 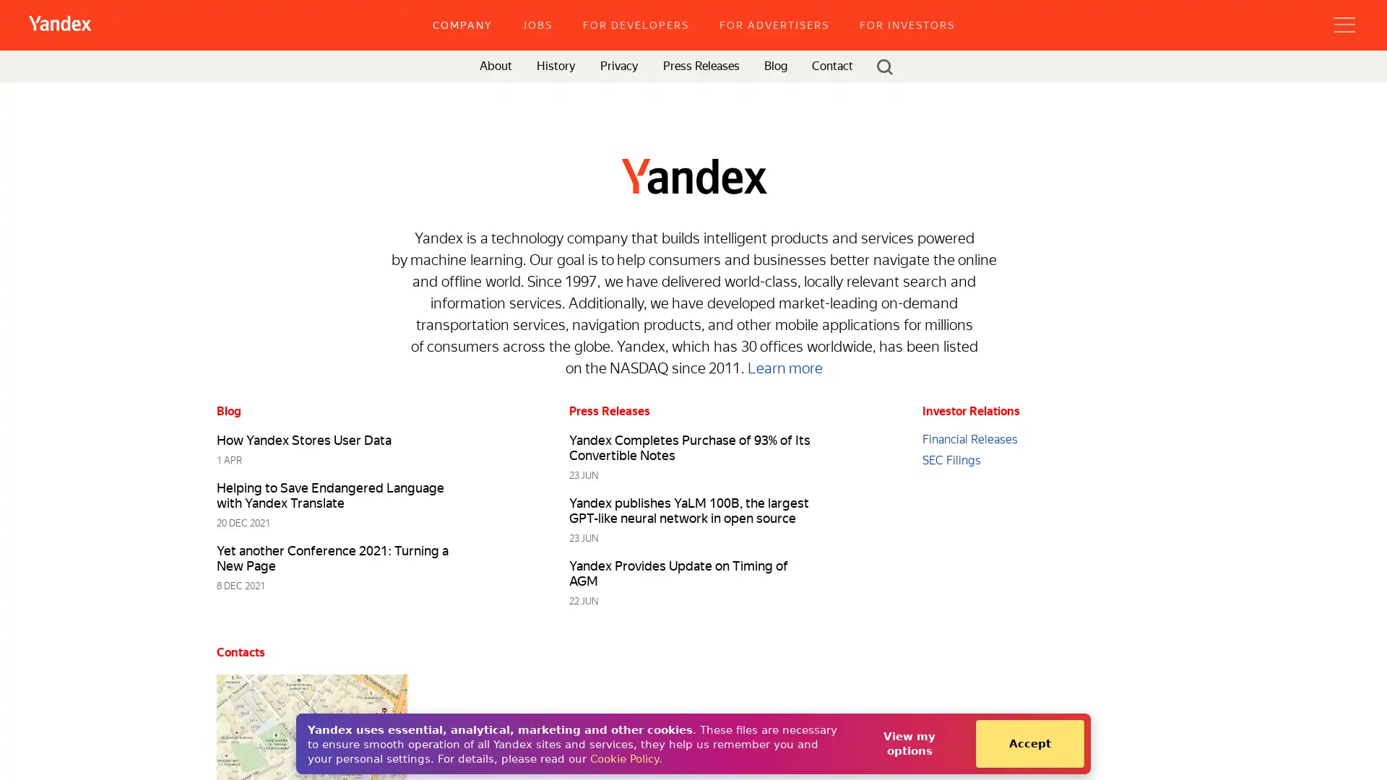 I want to click on View my options, so click(x=908, y=743).